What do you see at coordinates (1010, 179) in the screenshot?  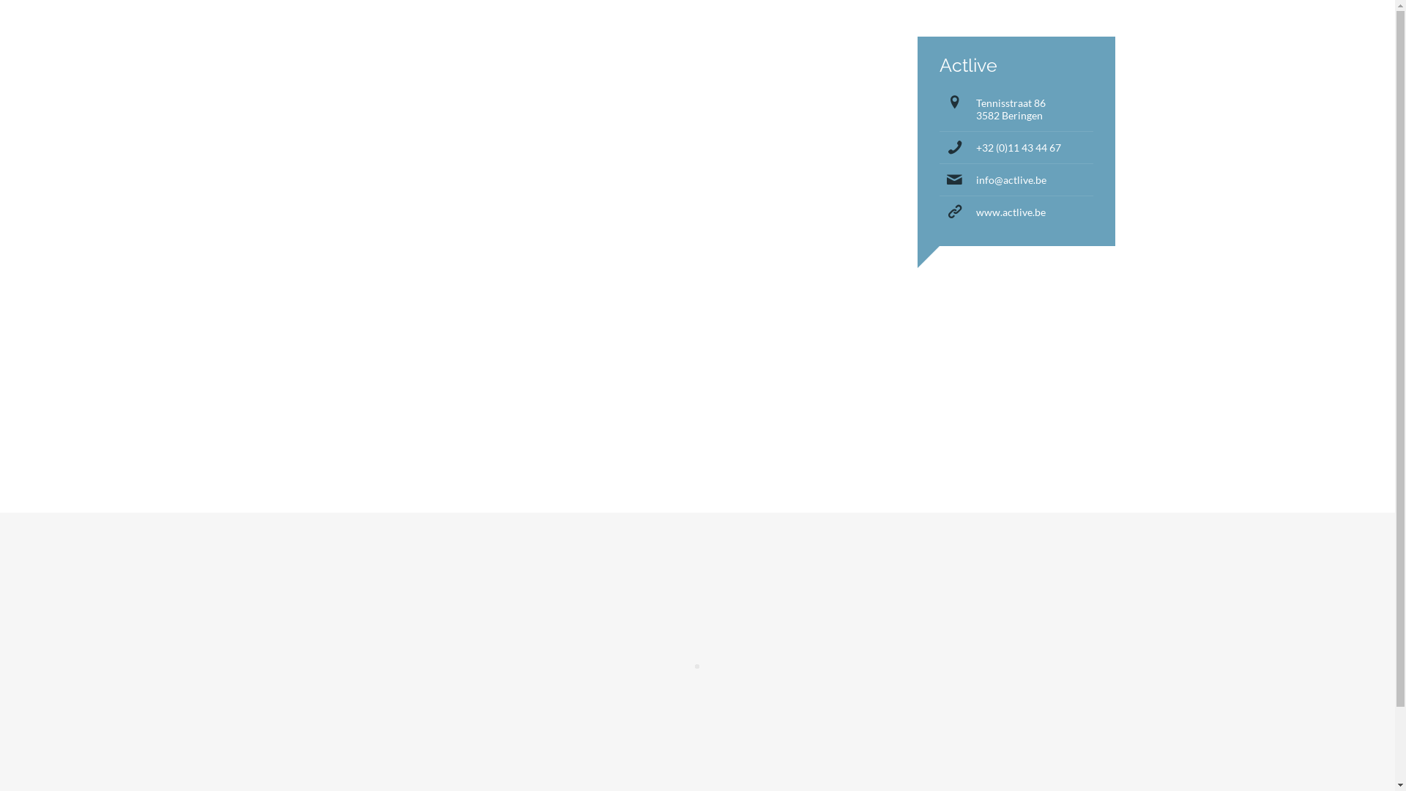 I see `'info@actlive.be'` at bounding box center [1010, 179].